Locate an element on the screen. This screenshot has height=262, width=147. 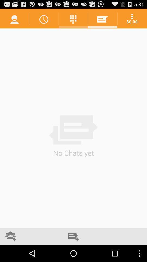
the follow icon is located at coordinates (11, 253).